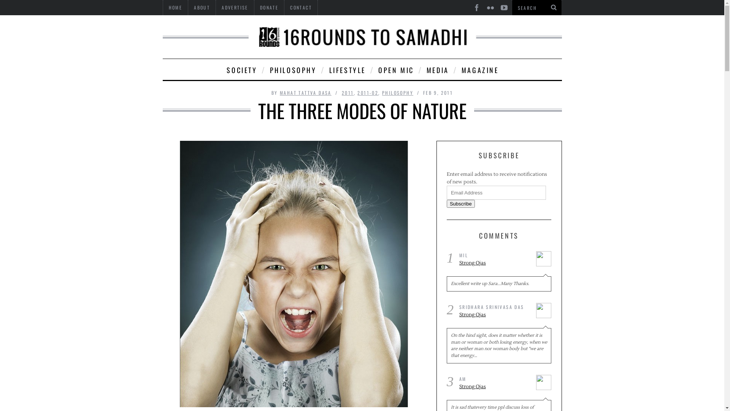 Image resolution: width=730 pixels, height=411 pixels. What do you see at coordinates (395, 69) in the screenshot?
I see `'OPEN MIC'` at bounding box center [395, 69].